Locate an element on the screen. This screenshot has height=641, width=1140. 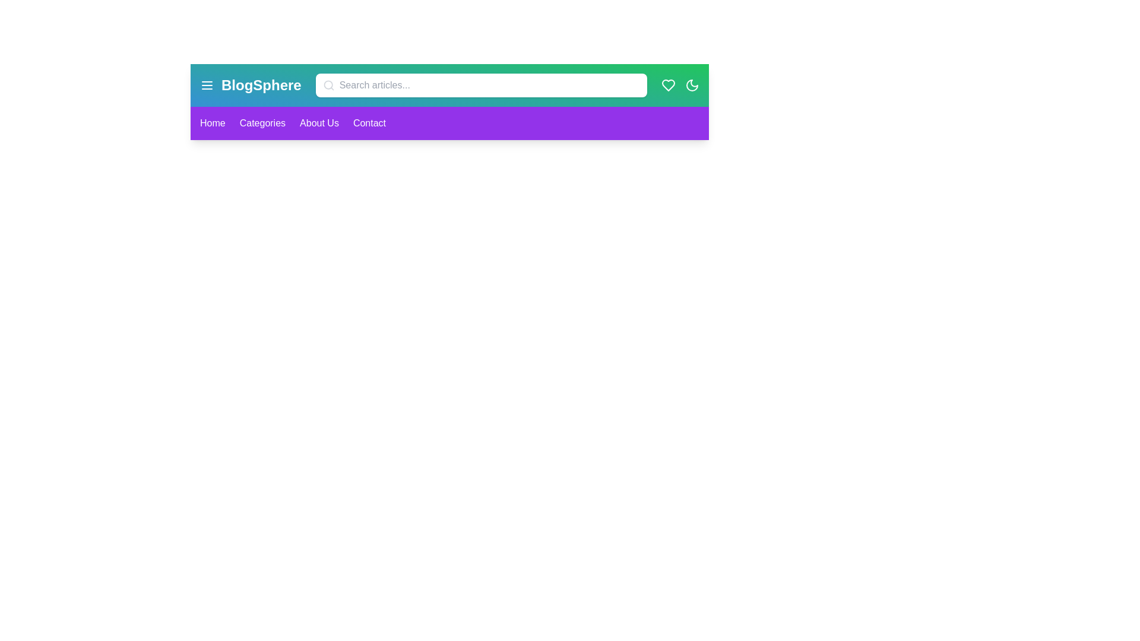
'Heart' button to mark or unmark a favorite is located at coordinates (669, 84).